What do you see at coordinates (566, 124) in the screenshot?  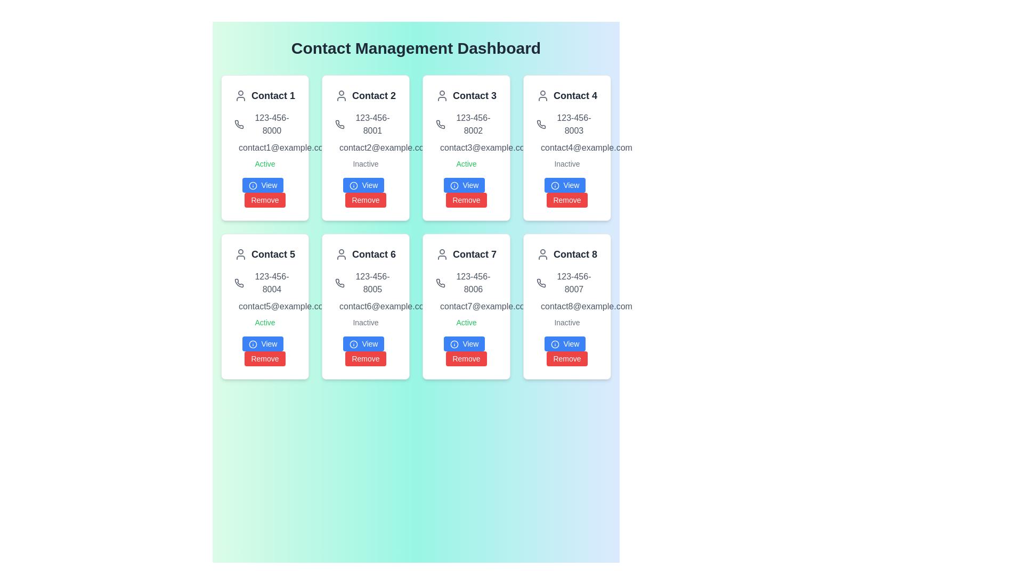 I see `the static text displaying the contact phone number in the fourth contact card labeled 'Contact 4', which is located towards the center of the card, above the email address` at bounding box center [566, 124].